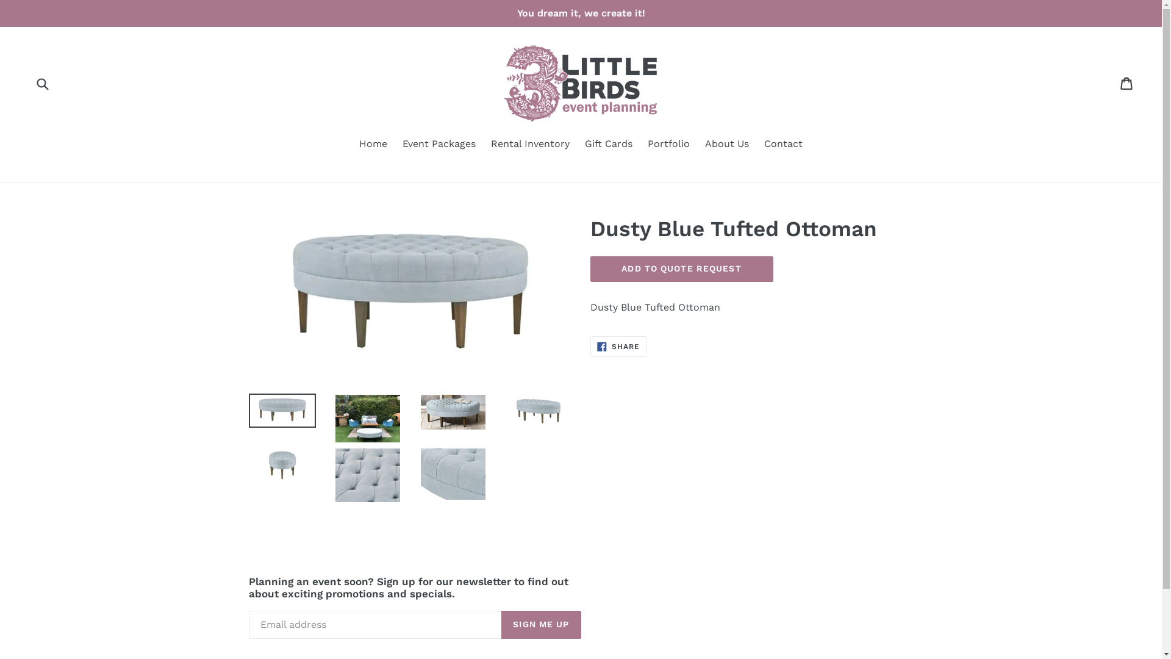  What do you see at coordinates (41, 82) in the screenshot?
I see `'Submit'` at bounding box center [41, 82].